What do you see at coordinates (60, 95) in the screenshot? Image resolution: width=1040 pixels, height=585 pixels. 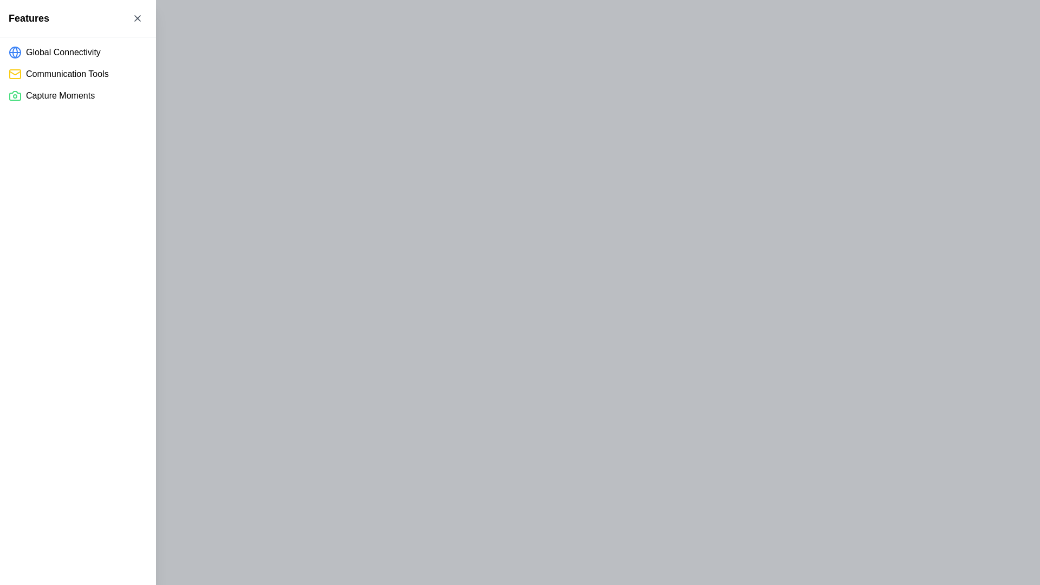 I see `the 'Capture Moments' text label located in the left sidebar, which is the third item in a vertical list of feature options` at bounding box center [60, 95].